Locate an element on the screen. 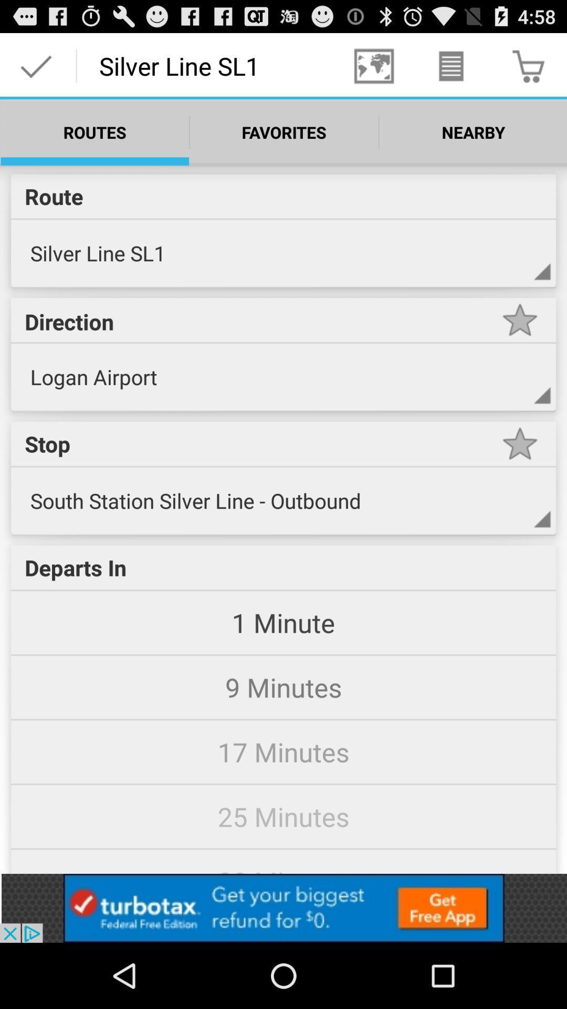 Image resolution: width=567 pixels, height=1009 pixels. expand direction option is located at coordinates (520, 392).